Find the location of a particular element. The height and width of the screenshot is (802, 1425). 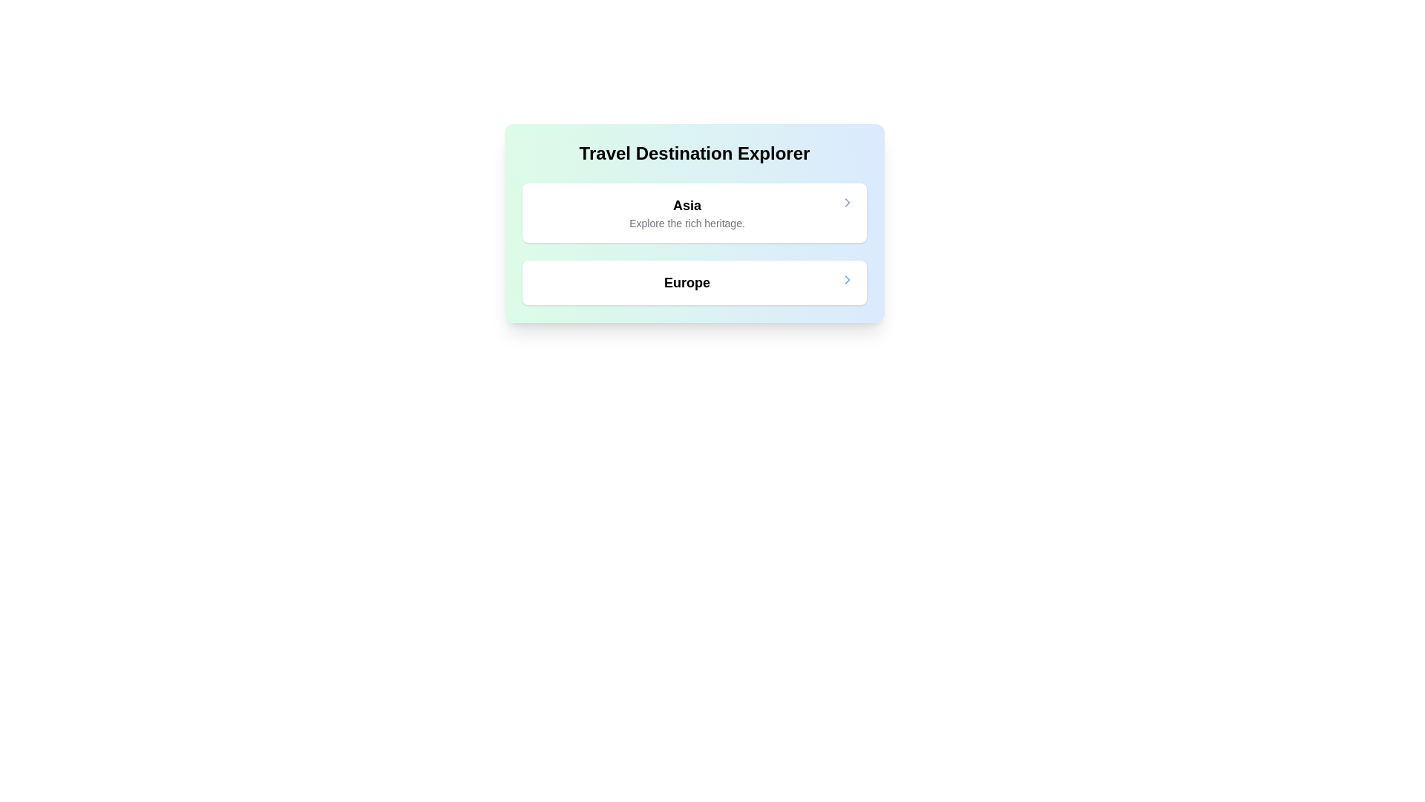

the textual content block that features a bold headline 'Asia' and a smaller subtitle 'Explore the rich heritage.' is located at coordinates (687, 212).